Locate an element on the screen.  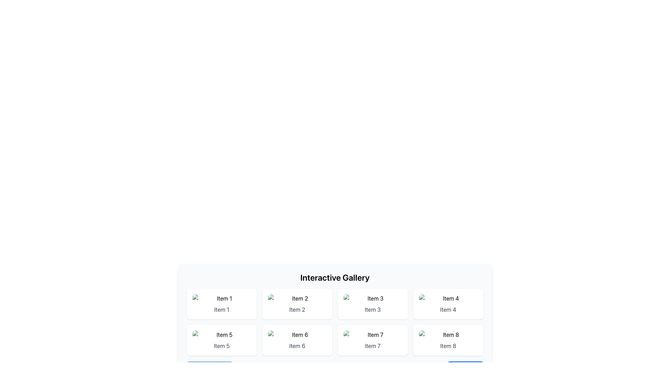
the descriptive text label for 'Item 1' located beneath its corresponding image placeholder in the gallery grid is located at coordinates (221, 309).